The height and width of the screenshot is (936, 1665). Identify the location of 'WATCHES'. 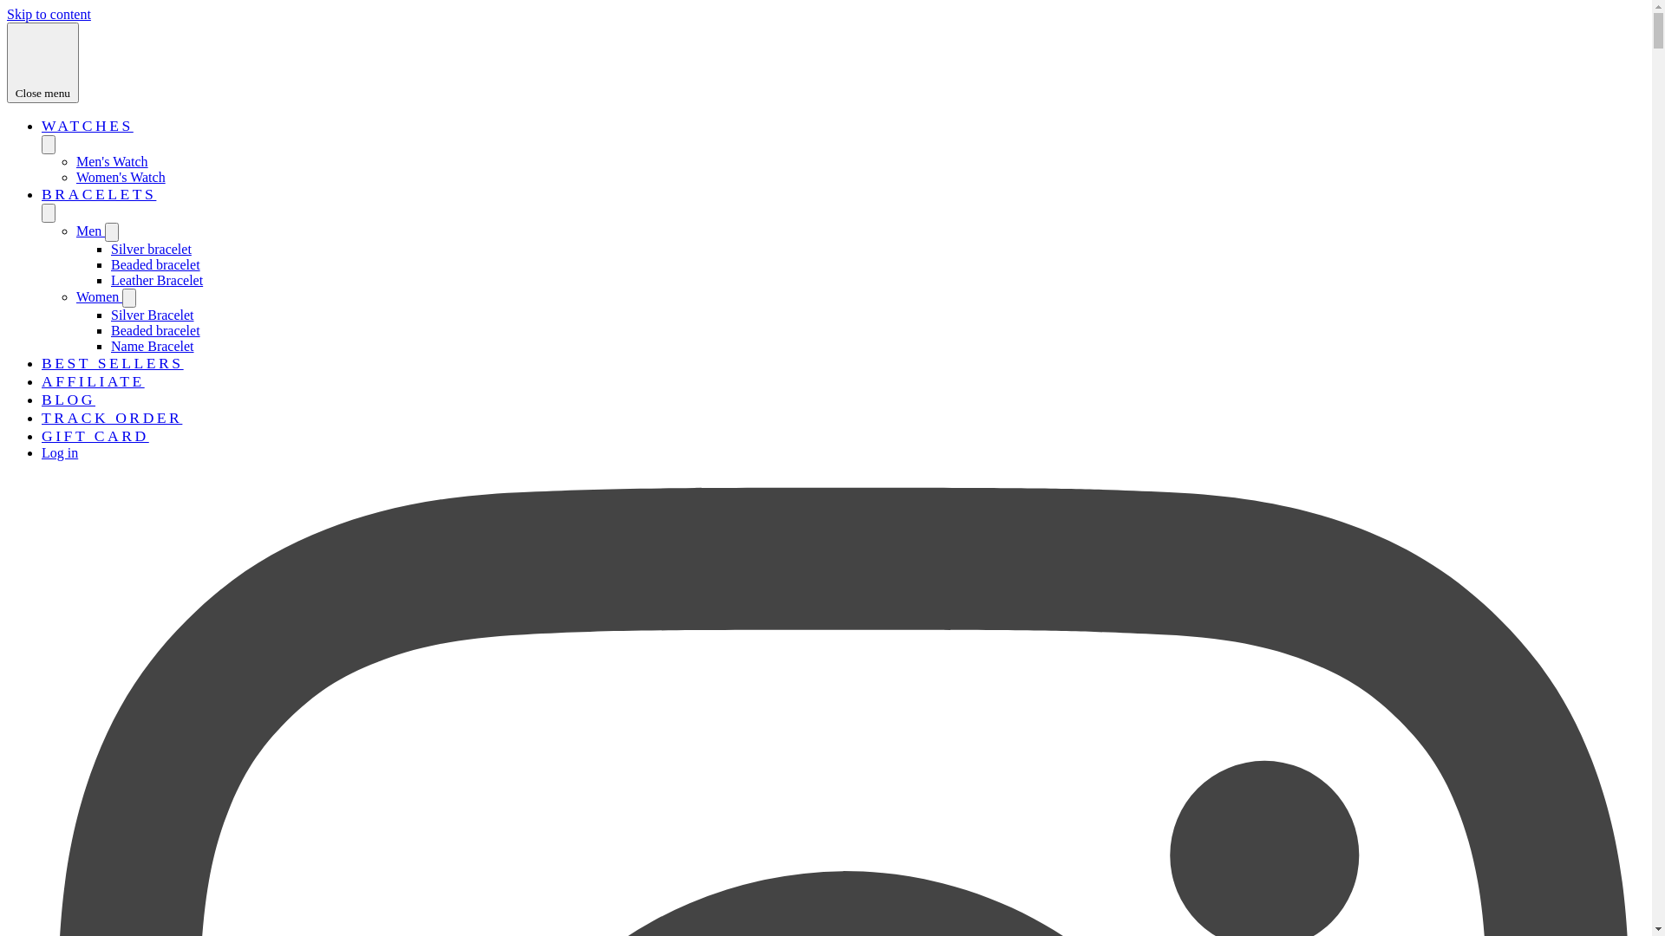
(86, 125).